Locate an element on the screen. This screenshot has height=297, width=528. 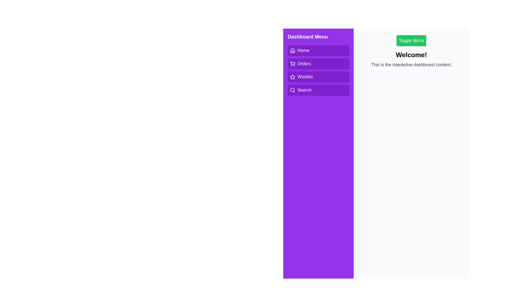
the menu option Home to observe the hover effect is located at coordinates (318, 51).